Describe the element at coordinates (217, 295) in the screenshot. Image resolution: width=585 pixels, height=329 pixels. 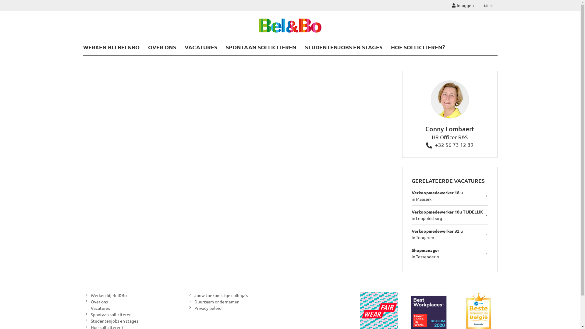
I see `'Jouw toekomstige collega's'` at that location.